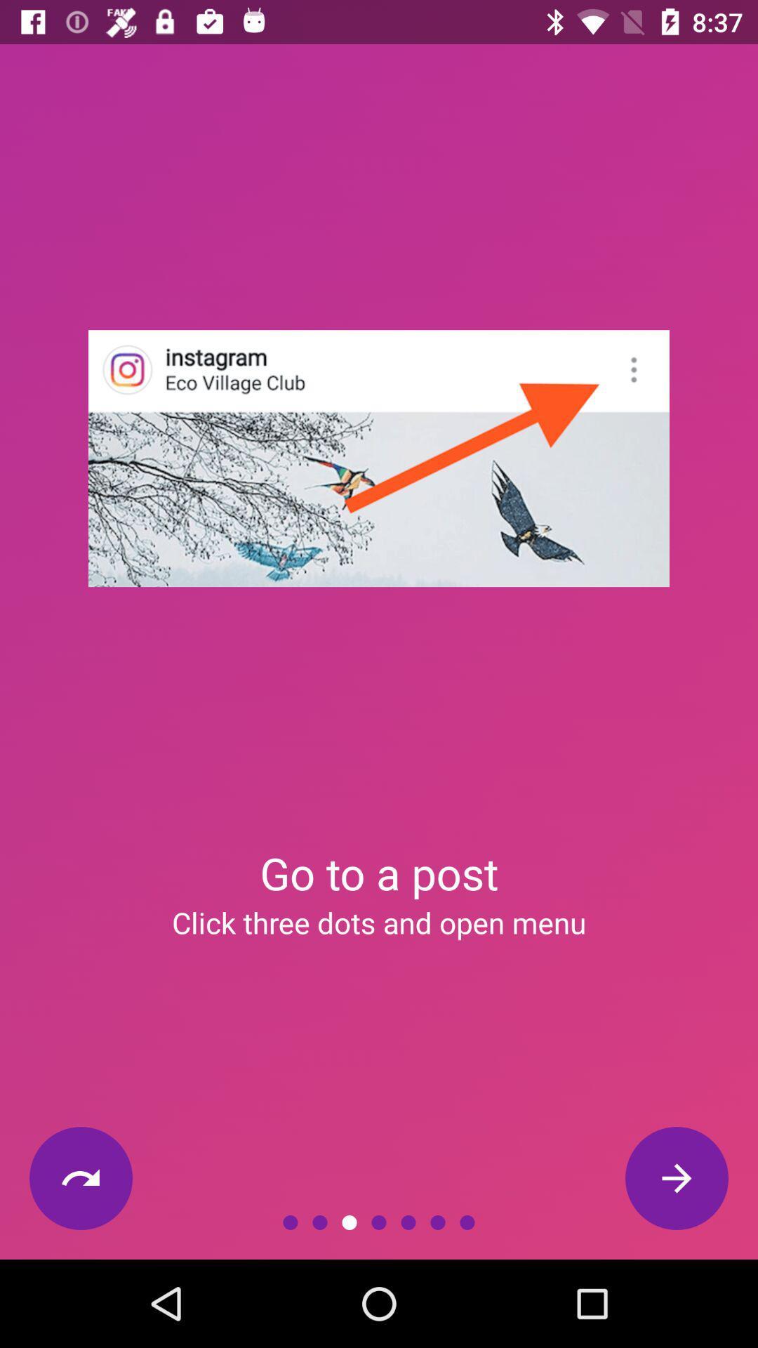 The width and height of the screenshot is (758, 1348). What do you see at coordinates (676, 1178) in the screenshot?
I see `icon at the bottom right corner` at bounding box center [676, 1178].